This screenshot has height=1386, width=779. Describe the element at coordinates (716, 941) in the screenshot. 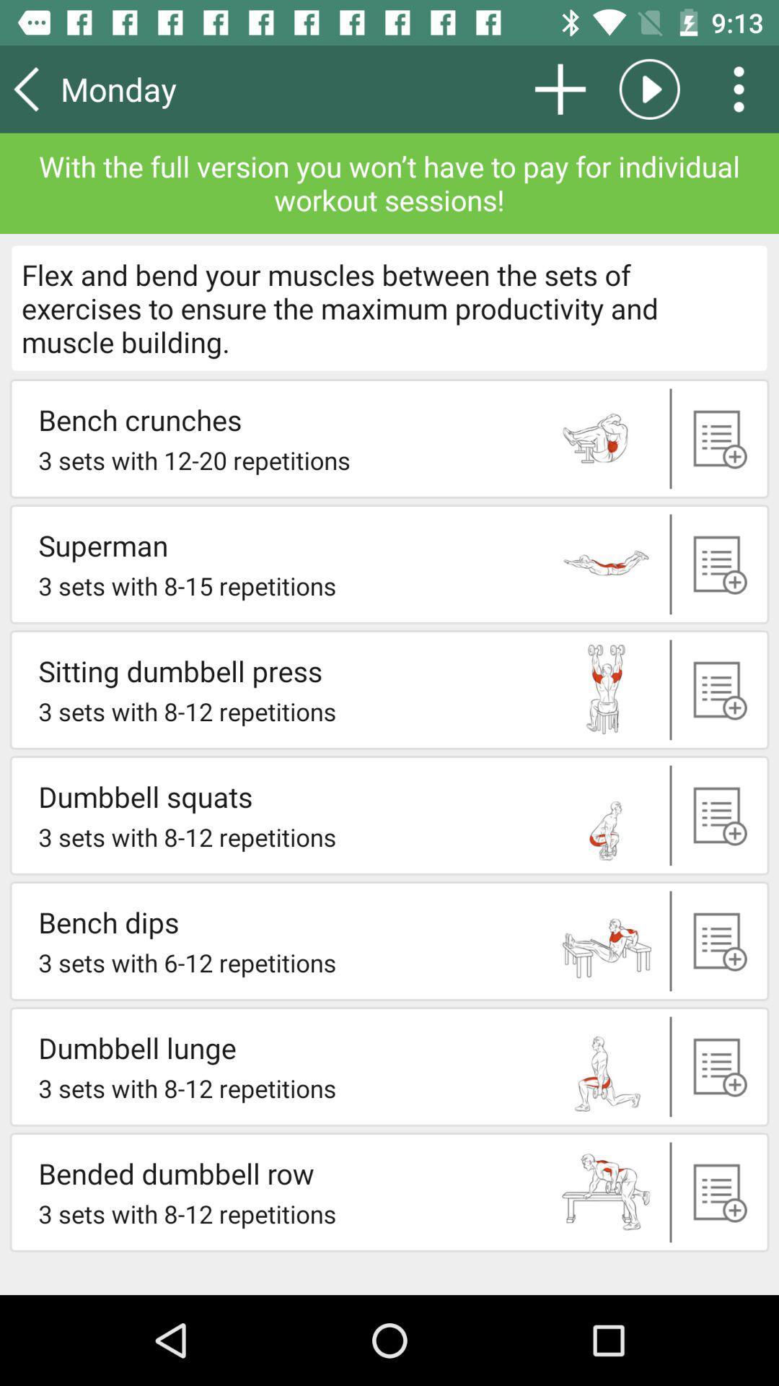

I see `the add icon` at that location.